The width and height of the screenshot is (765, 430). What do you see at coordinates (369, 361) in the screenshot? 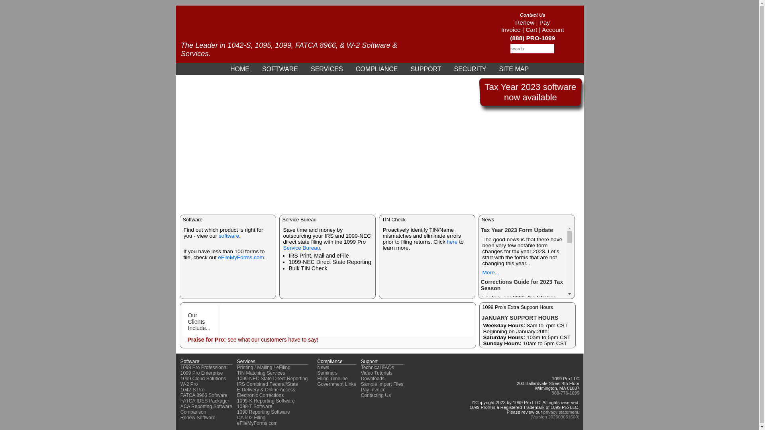
I see `'Support'` at bounding box center [369, 361].